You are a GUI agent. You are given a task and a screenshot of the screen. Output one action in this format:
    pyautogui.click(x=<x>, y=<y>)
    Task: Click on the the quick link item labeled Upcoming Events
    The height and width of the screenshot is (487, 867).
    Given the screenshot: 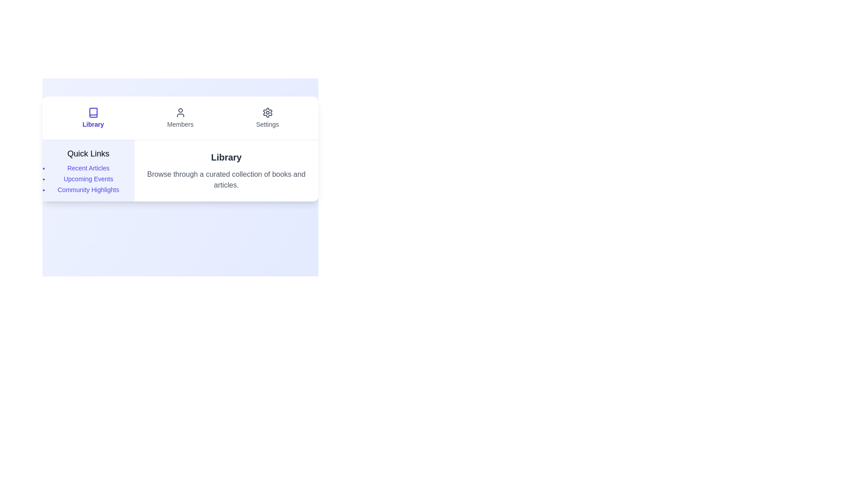 What is the action you would take?
    pyautogui.click(x=88, y=179)
    